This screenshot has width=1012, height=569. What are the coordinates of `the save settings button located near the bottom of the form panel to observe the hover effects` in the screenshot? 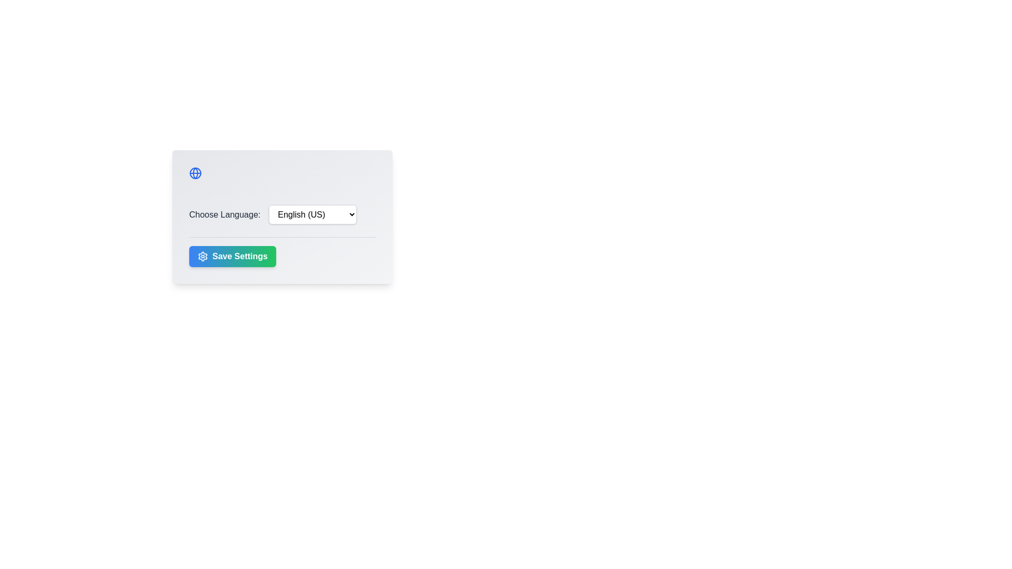 It's located at (283, 252).